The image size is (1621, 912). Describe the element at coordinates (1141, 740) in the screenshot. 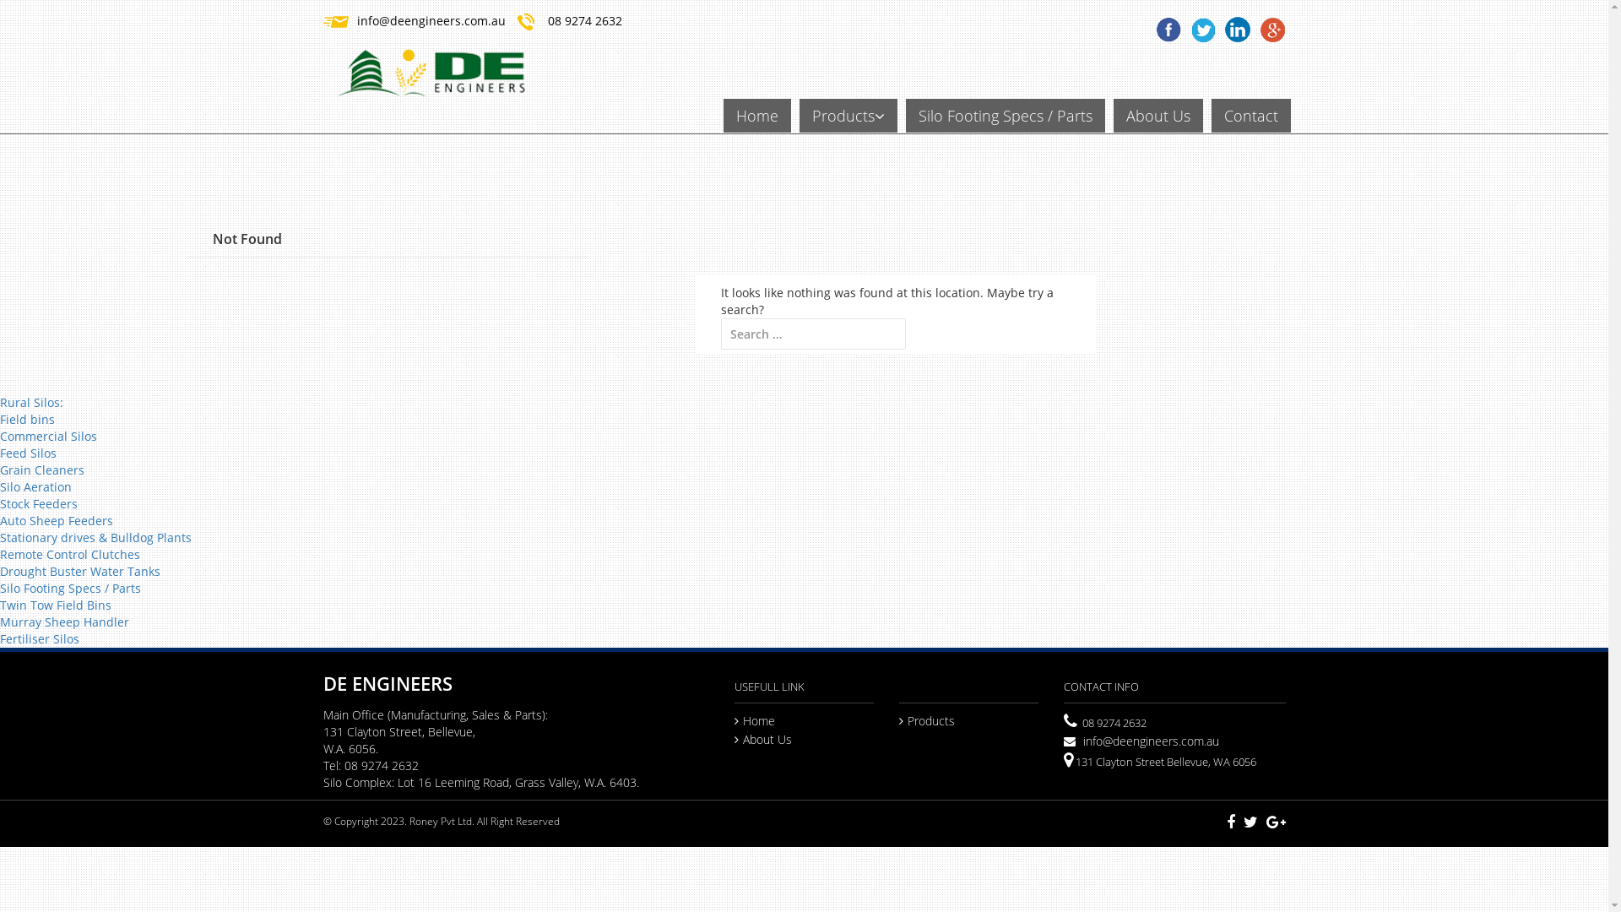

I see `'info@deengineers.com.au'` at that location.